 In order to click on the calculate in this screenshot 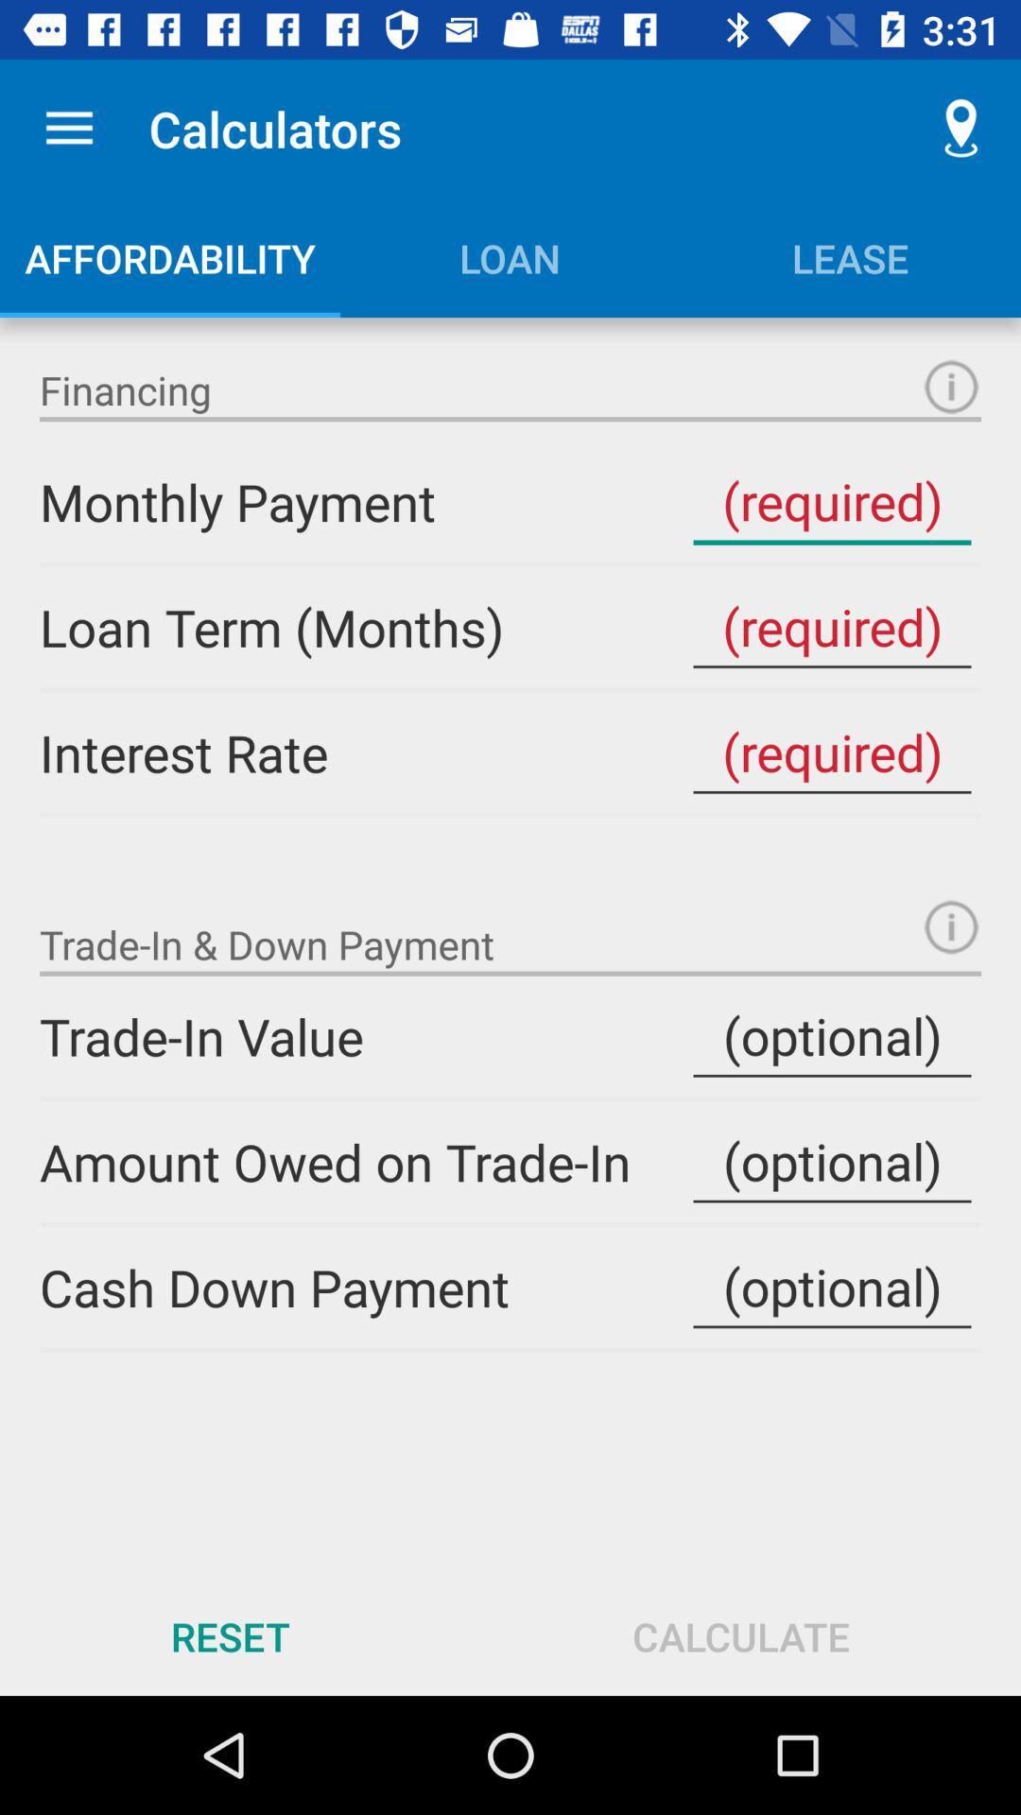, I will do `click(739, 1635)`.